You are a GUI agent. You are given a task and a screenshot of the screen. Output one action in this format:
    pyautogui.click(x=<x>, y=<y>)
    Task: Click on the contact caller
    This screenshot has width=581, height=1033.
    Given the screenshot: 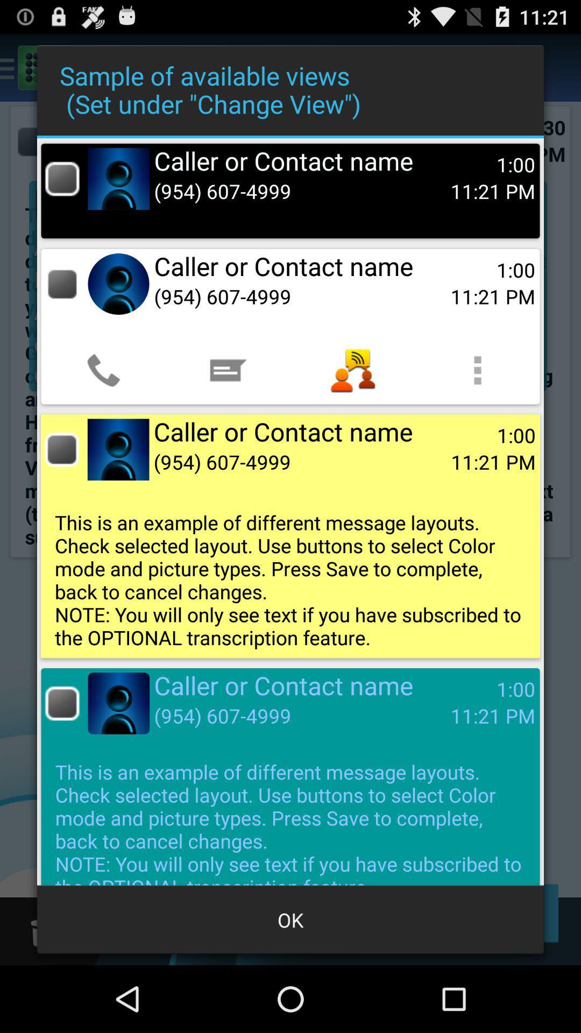 What is the action you would take?
    pyautogui.click(x=62, y=179)
    